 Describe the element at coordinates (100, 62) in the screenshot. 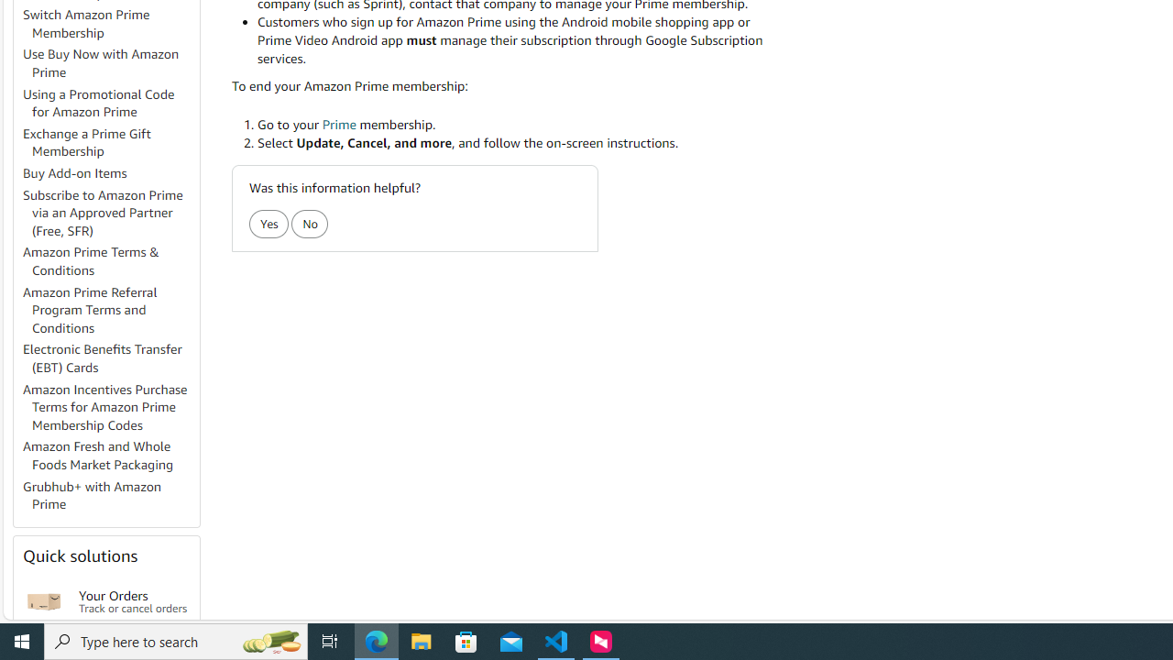

I see `'Use Buy Now with Amazon Prime'` at that location.